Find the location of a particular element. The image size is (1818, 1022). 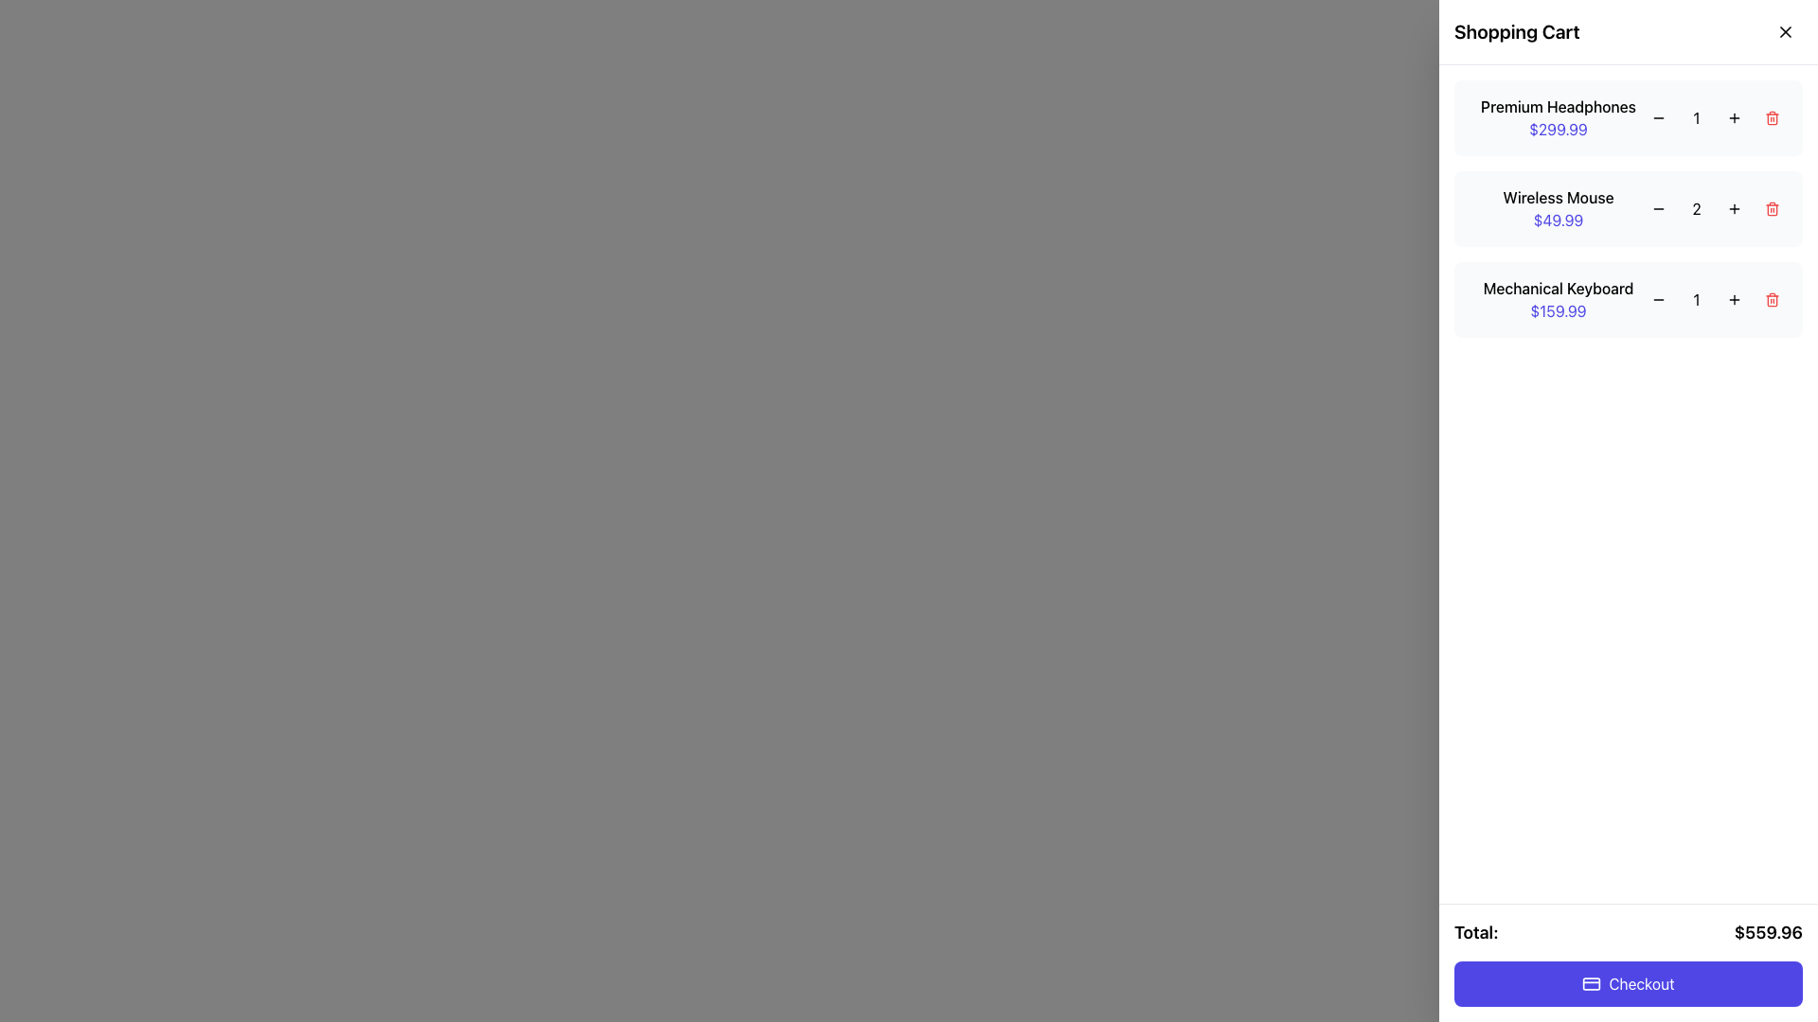

text information displayed for the third item in the shopping cart, which includes the name and price of the product is located at coordinates (1559, 298).